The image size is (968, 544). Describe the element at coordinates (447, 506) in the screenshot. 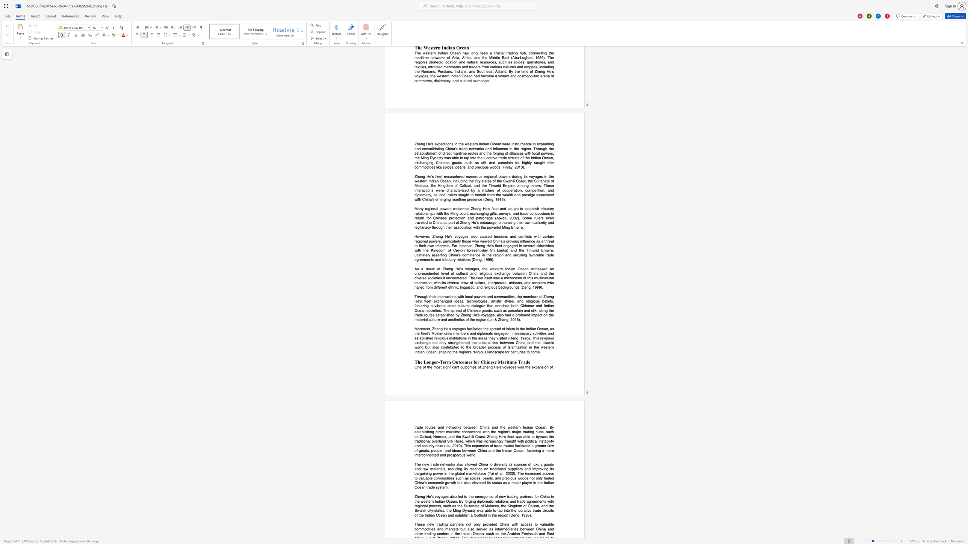

I see `the subset text "ch as the Sultanate of Malacca, the Kingd" within the text "Zheng He"` at that location.